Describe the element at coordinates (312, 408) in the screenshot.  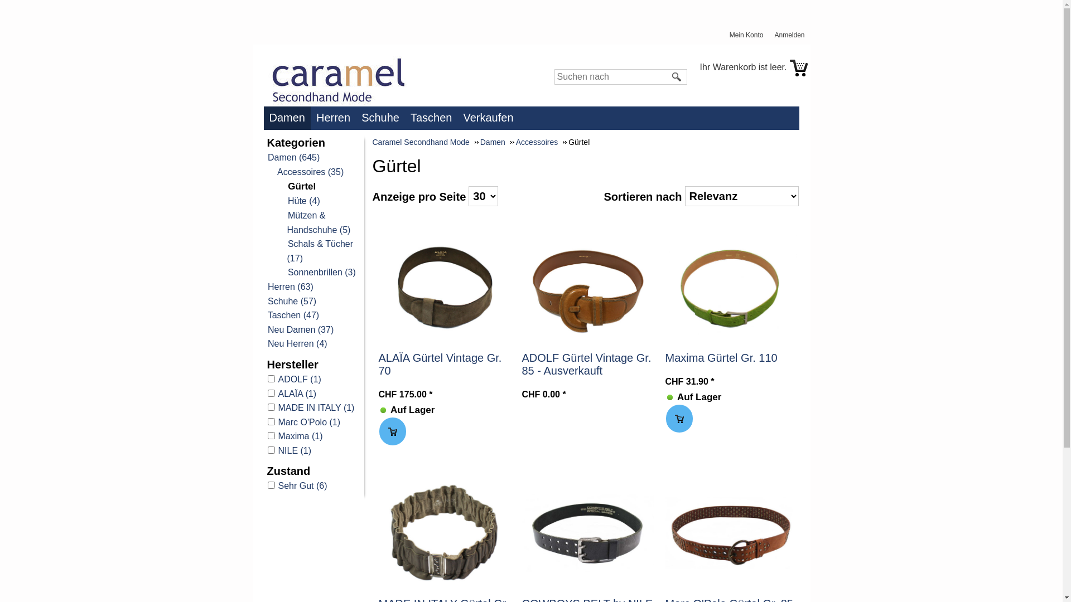
I see `'MADE IN ITALY (1)'` at that location.